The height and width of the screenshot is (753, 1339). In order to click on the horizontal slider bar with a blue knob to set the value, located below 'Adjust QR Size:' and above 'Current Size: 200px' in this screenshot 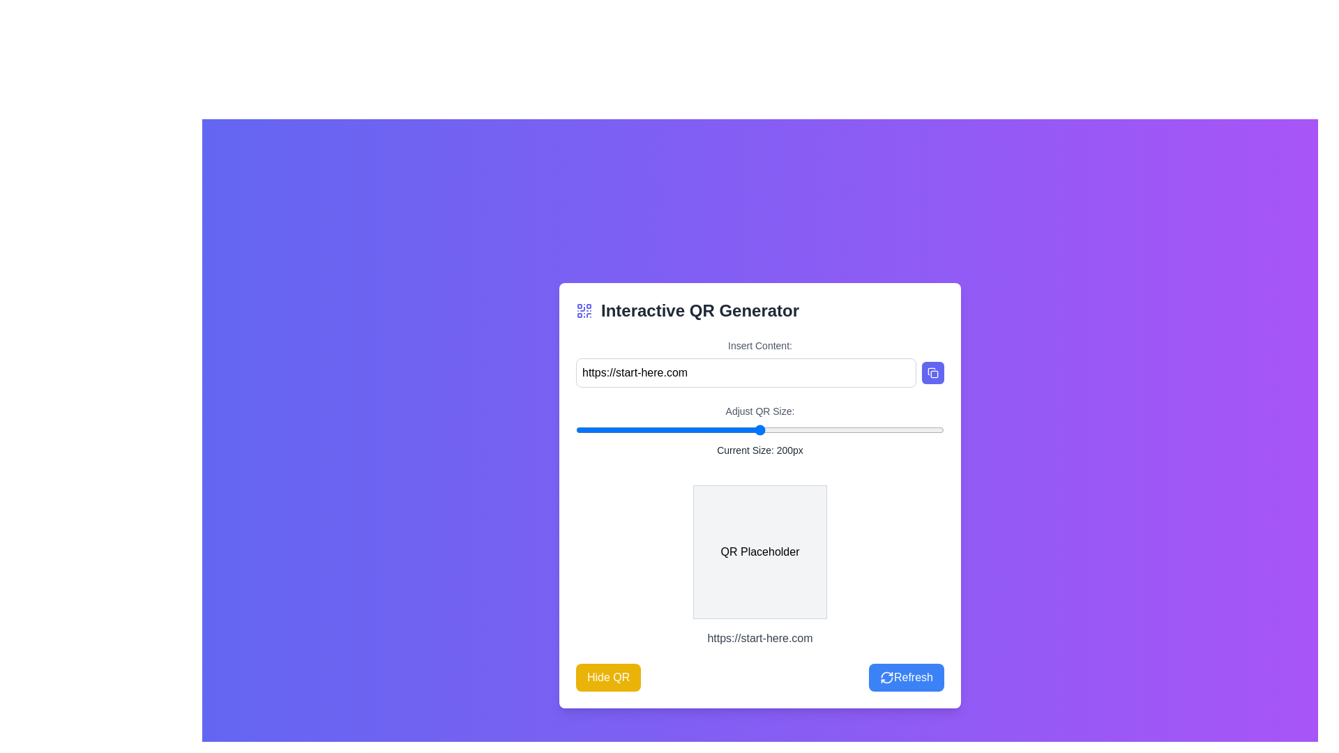, I will do `click(759, 429)`.